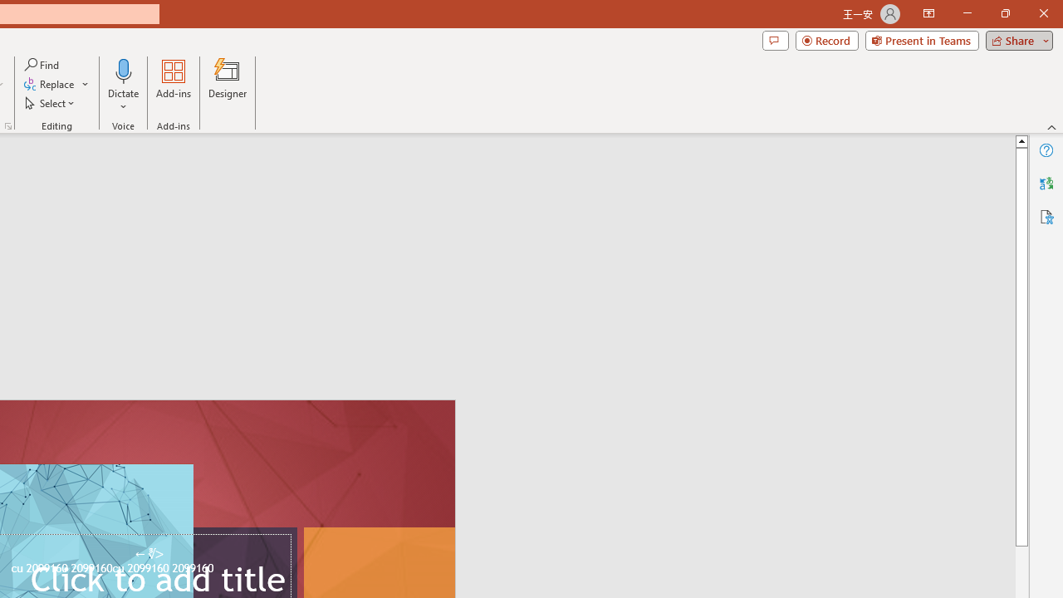 This screenshot has height=598, width=1063. I want to click on 'Format Object...', so click(8, 125).